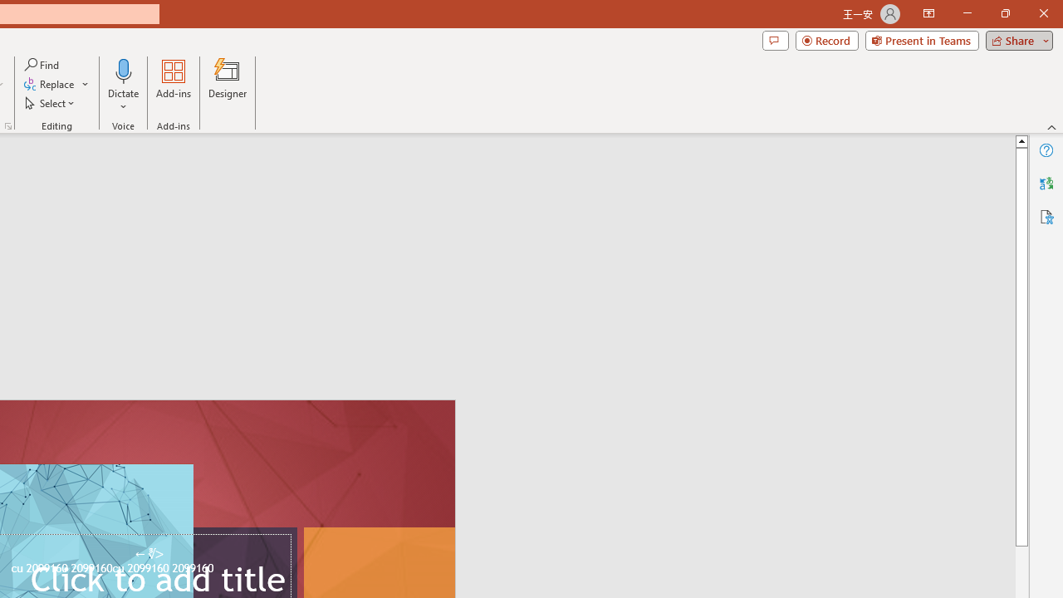 This screenshot has height=598, width=1063. I want to click on 'Format Object...', so click(8, 125).